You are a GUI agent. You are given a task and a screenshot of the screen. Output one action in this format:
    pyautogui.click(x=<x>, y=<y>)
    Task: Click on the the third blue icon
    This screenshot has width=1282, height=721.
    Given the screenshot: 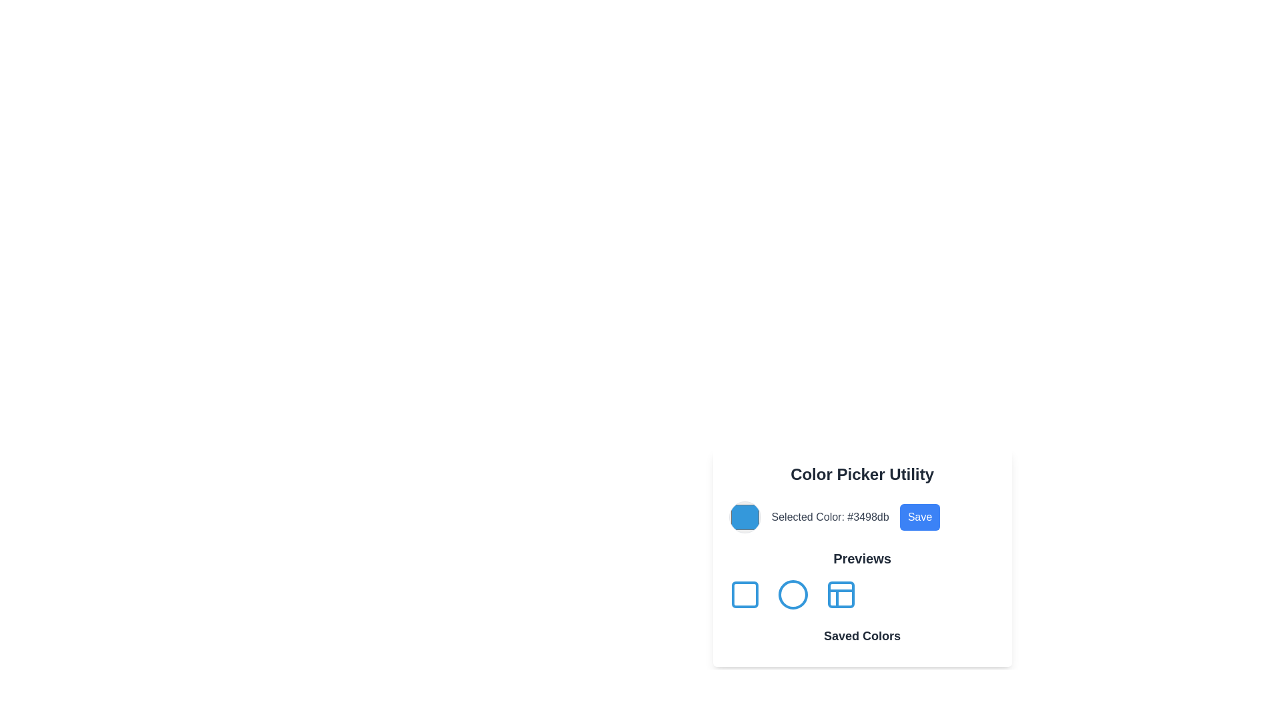 What is the action you would take?
    pyautogui.click(x=840, y=594)
    